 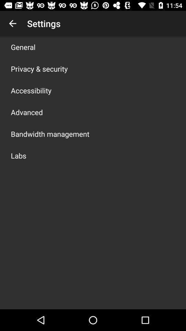 I want to click on icon above the privacy & security, so click(x=23, y=47).